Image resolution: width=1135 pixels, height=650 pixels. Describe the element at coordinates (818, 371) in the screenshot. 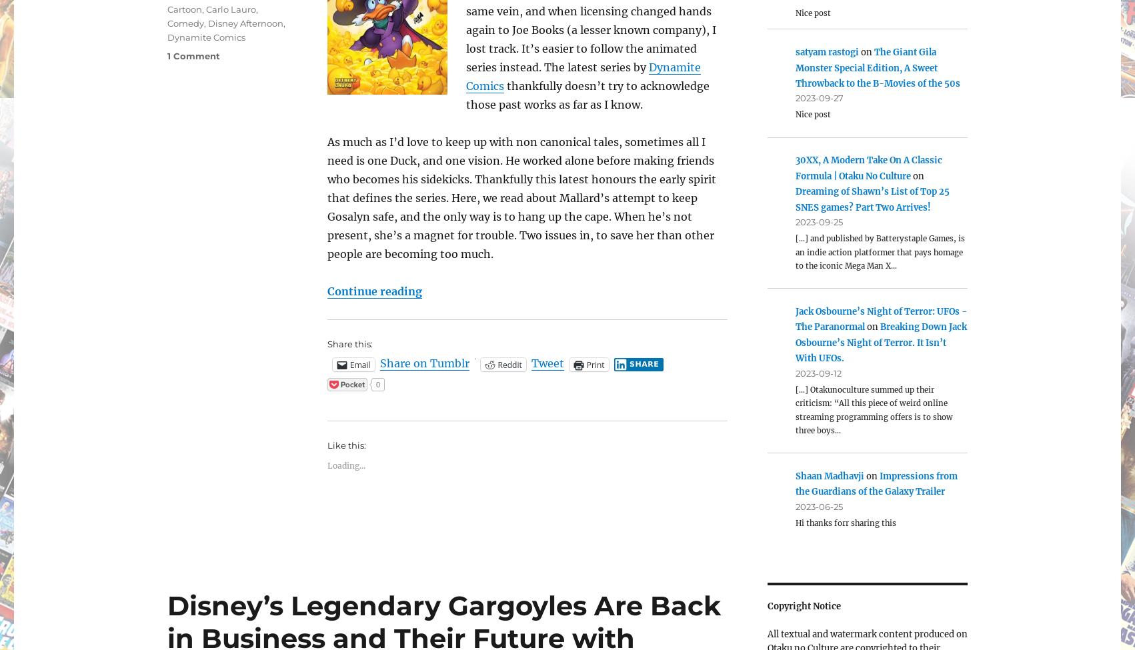

I see `'2023-09-12'` at that location.